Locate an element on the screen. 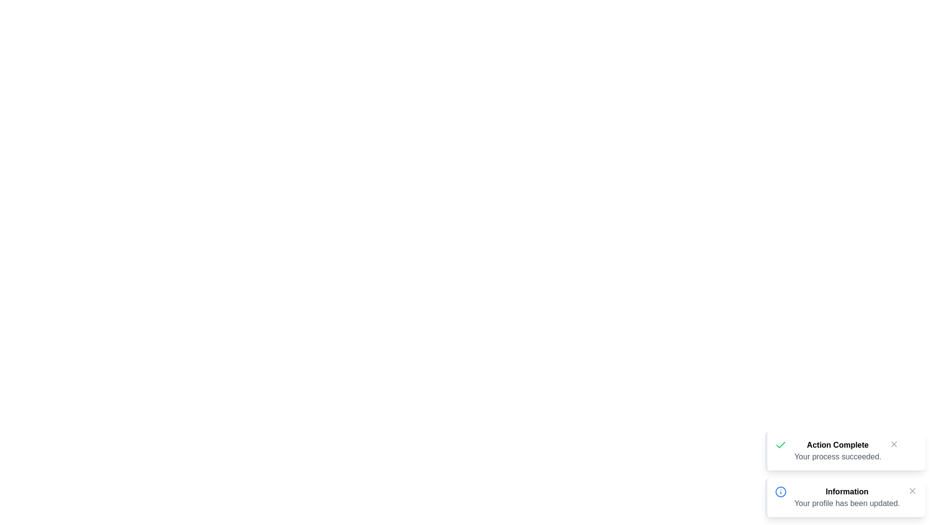  the notification to read its details is located at coordinates (844, 451).